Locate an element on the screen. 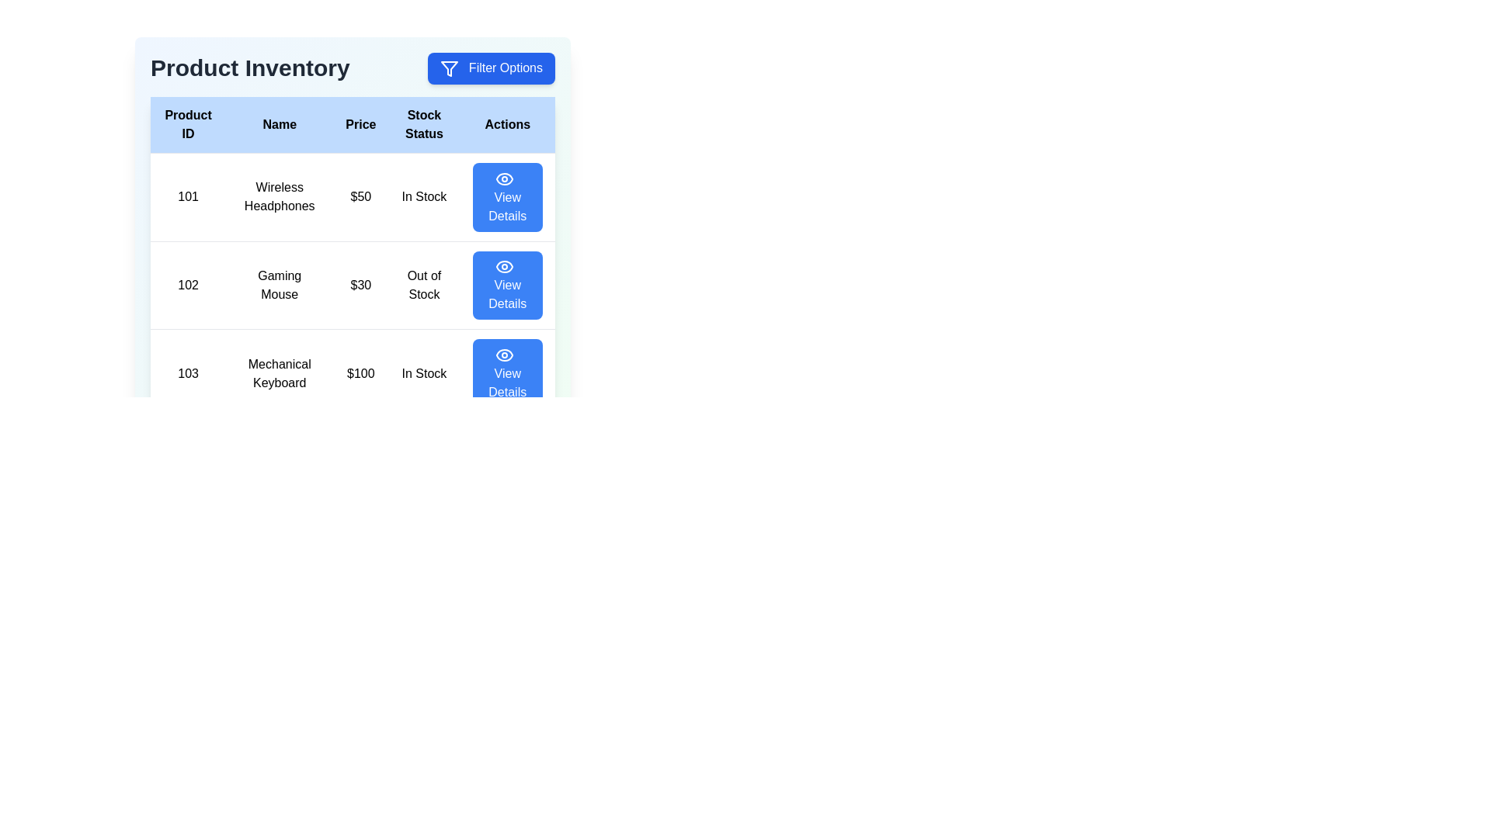 The height and width of the screenshot is (838, 1491). the 'Filter Options' button to open the filter options is located at coordinates (491, 68).